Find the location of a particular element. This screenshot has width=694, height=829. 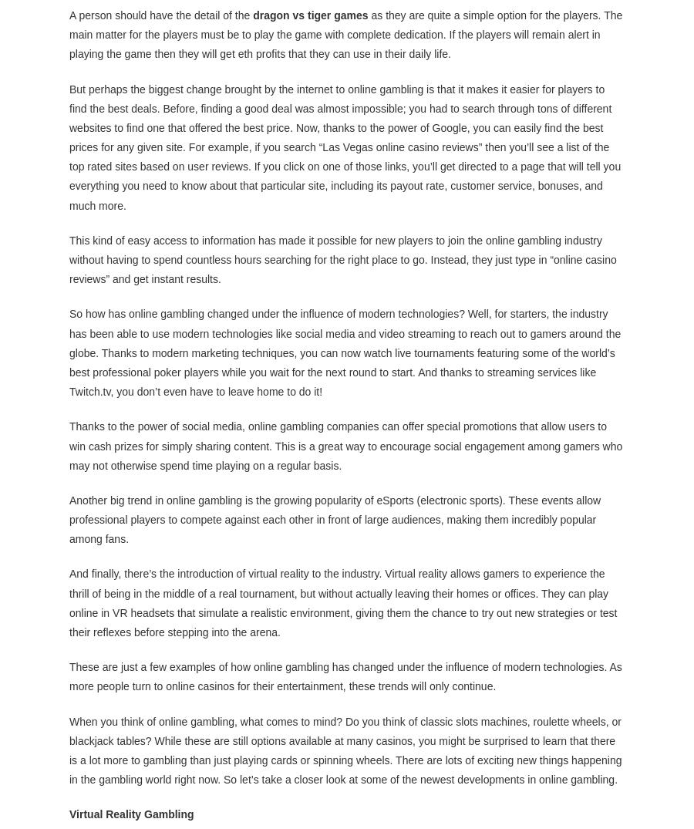

'A person should have the detail of the' is located at coordinates (160, 14).